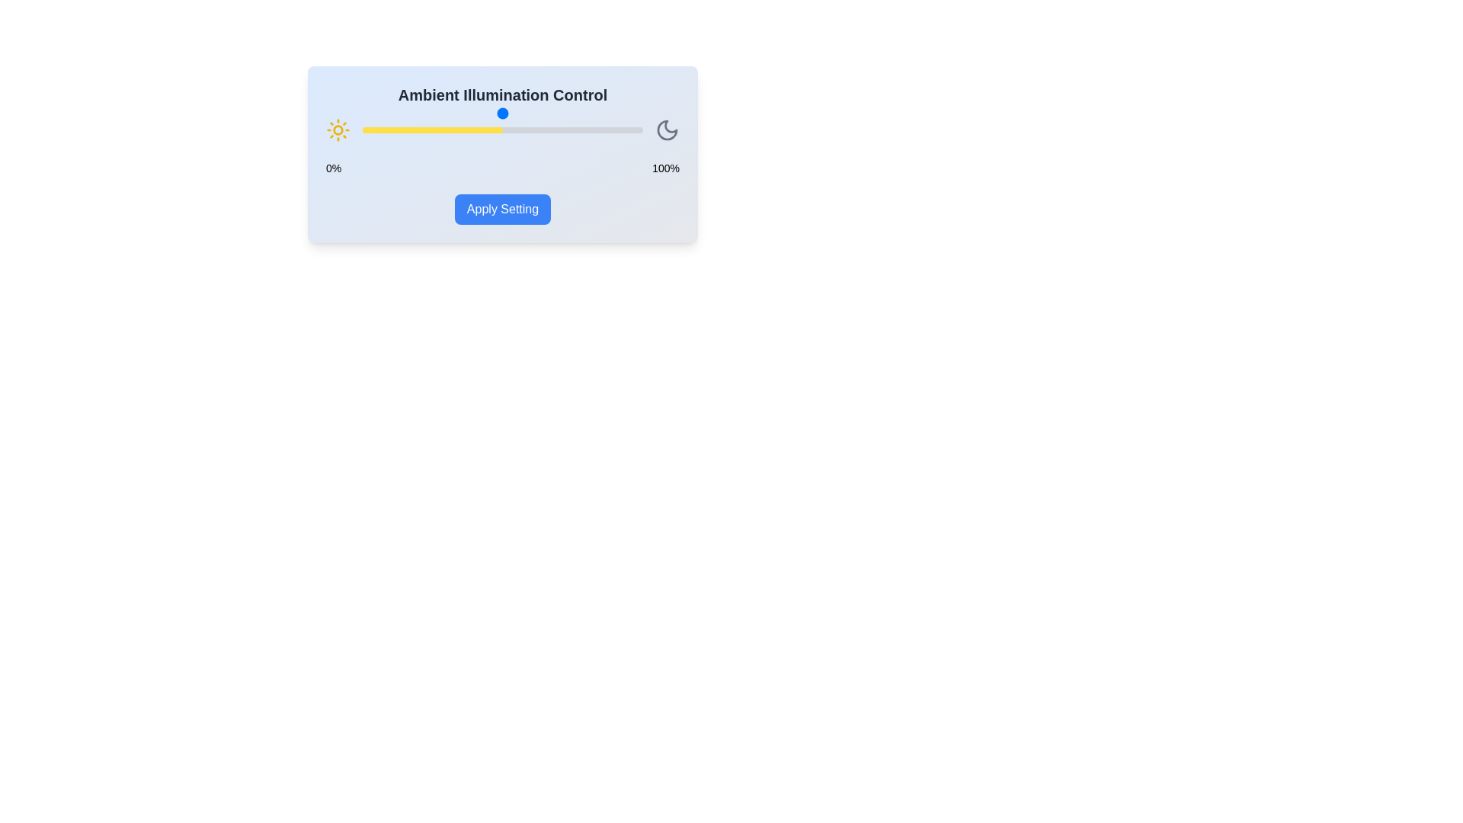 Image resolution: width=1463 pixels, height=823 pixels. Describe the element at coordinates (569, 129) in the screenshot. I see `the illumination slider to 74%` at that location.